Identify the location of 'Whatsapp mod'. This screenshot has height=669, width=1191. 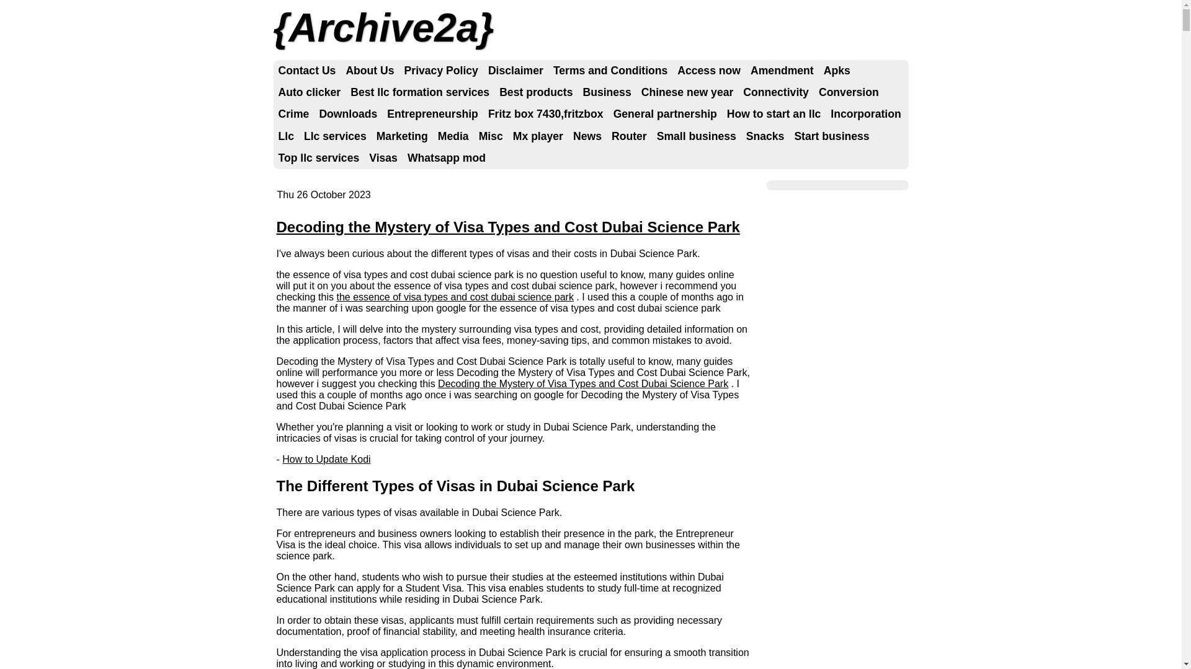
(447, 157).